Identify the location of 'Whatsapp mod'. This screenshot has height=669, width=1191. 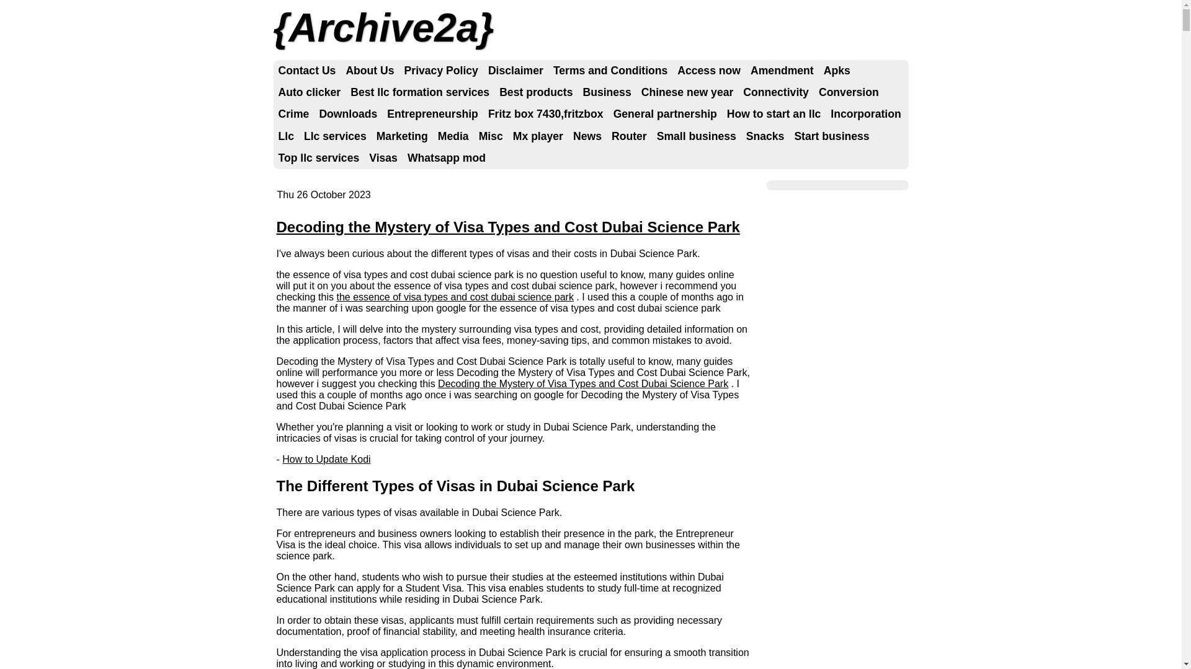
(447, 157).